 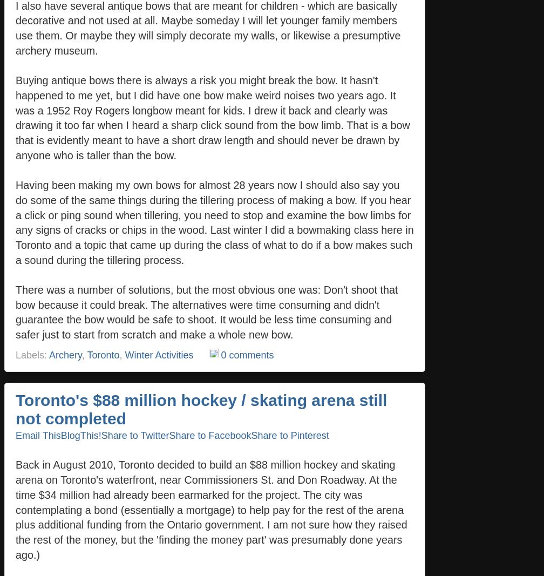 I want to click on 'Back in August 2010, Toronto decided to build an $88 million hockey and skating arena on  Toronto's waterfront, near Commissioners St. and Don Roadway. At the time $34  million had already been earmarked for the project. The city was contemplating a bond (essentially a mortgage) to help pay for the rest  of the arena plus additional funding from the Ontario government. I am not sure how they raised the rest of the money, but the 'finding the money part' was presumably done years ago.)', so click(x=16, y=509).